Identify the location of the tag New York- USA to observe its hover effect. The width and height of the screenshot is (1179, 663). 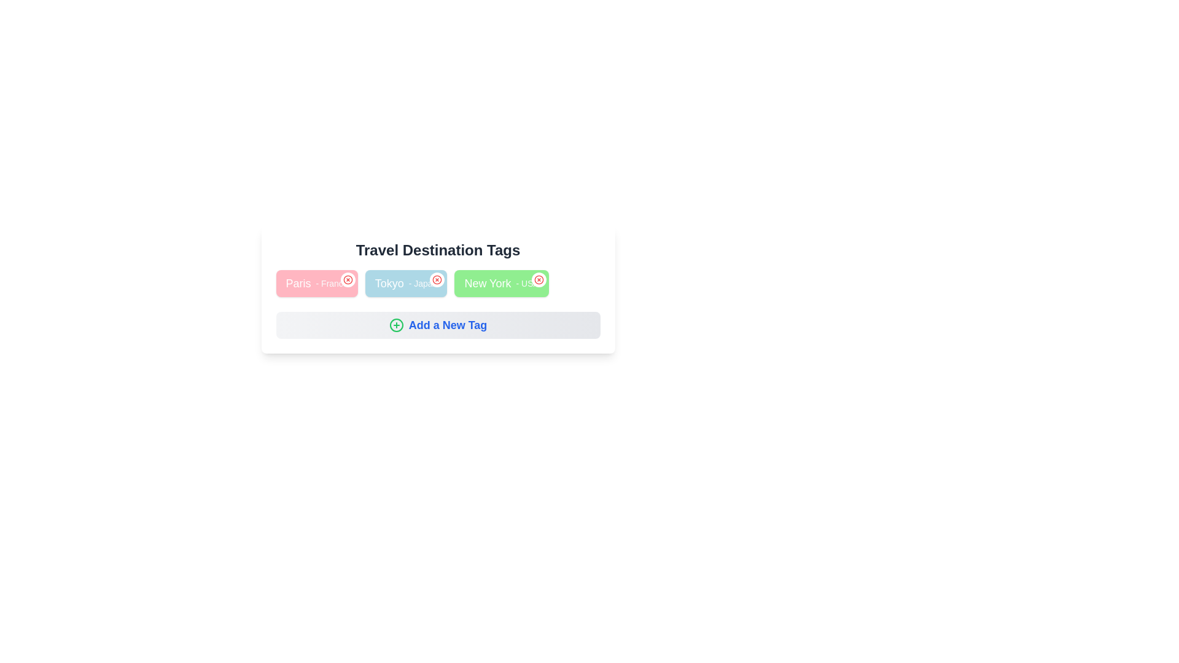
(501, 284).